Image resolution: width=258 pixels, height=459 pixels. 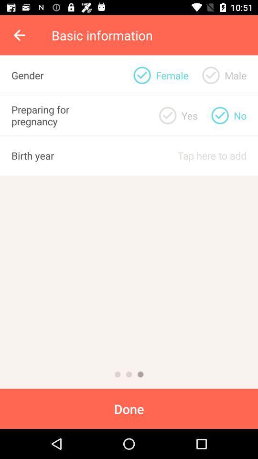 I want to click on icon to the right of yes item, so click(x=235, y=75).